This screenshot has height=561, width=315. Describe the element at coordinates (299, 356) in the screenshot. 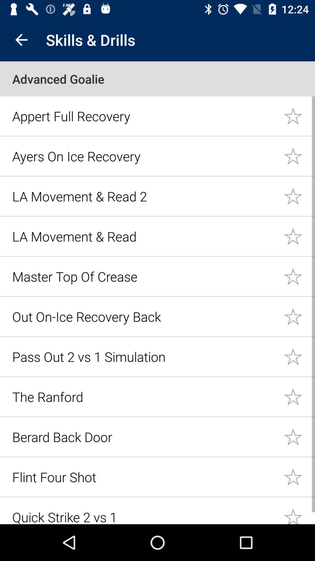

I see `the skill` at that location.